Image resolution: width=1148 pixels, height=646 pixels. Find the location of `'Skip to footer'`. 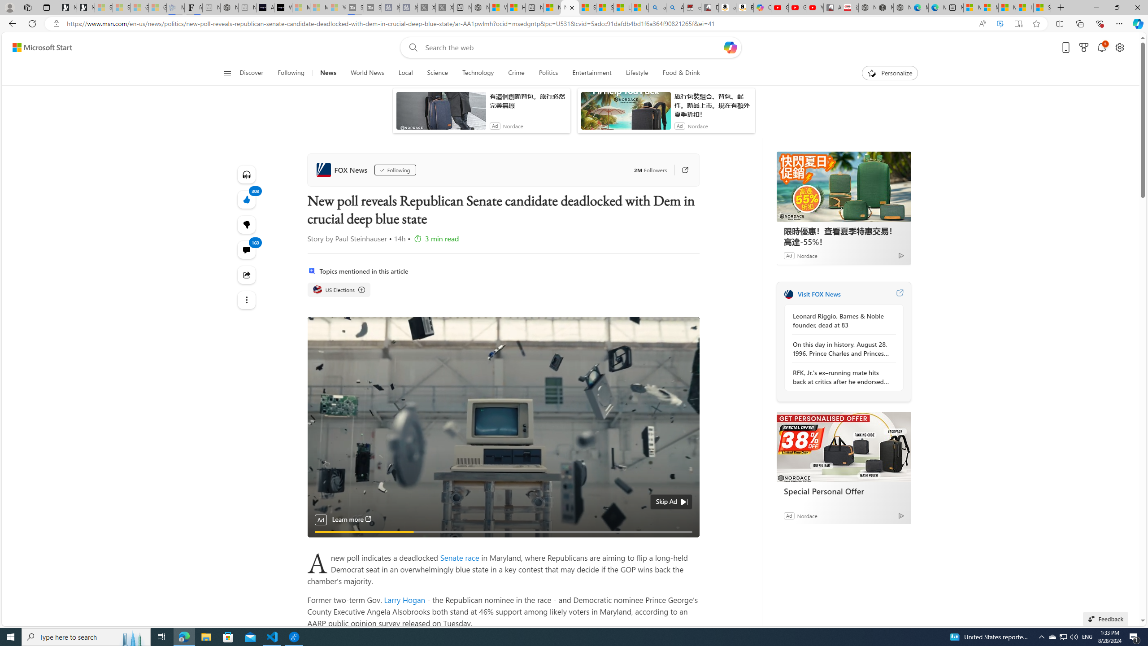

'Skip to footer' is located at coordinates (36, 47).